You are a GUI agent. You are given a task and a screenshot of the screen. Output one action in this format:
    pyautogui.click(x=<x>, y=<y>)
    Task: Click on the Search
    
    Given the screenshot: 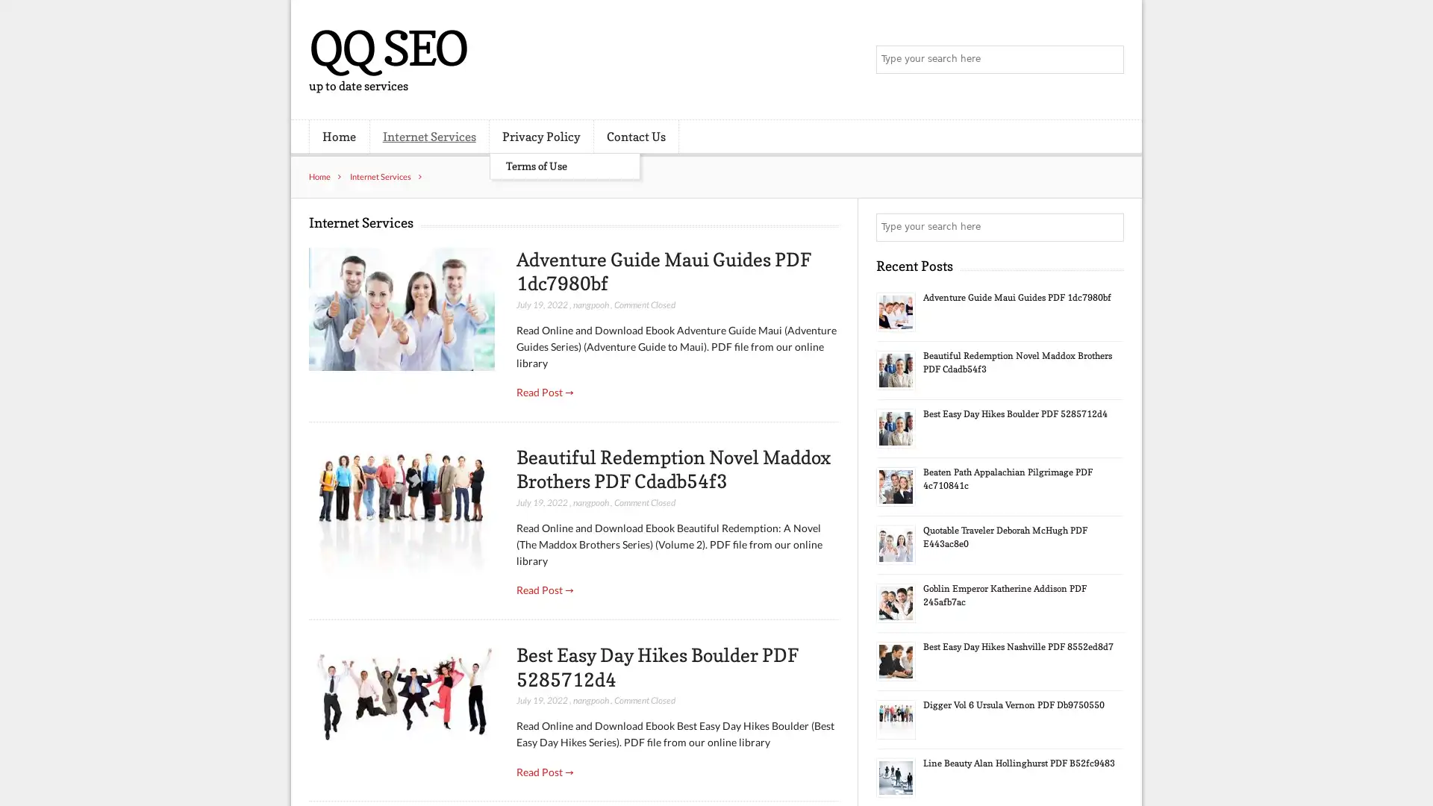 What is the action you would take?
    pyautogui.click(x=1108, y=227)
    